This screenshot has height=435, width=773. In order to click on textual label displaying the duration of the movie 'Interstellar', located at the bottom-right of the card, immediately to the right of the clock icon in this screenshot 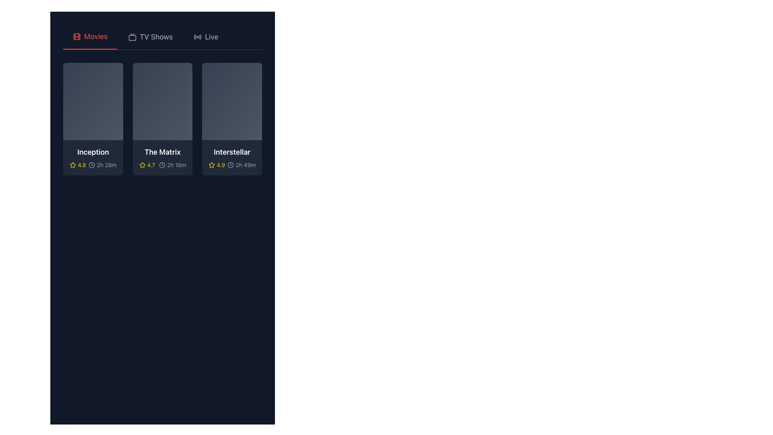, I will do `click(241, 164)`.